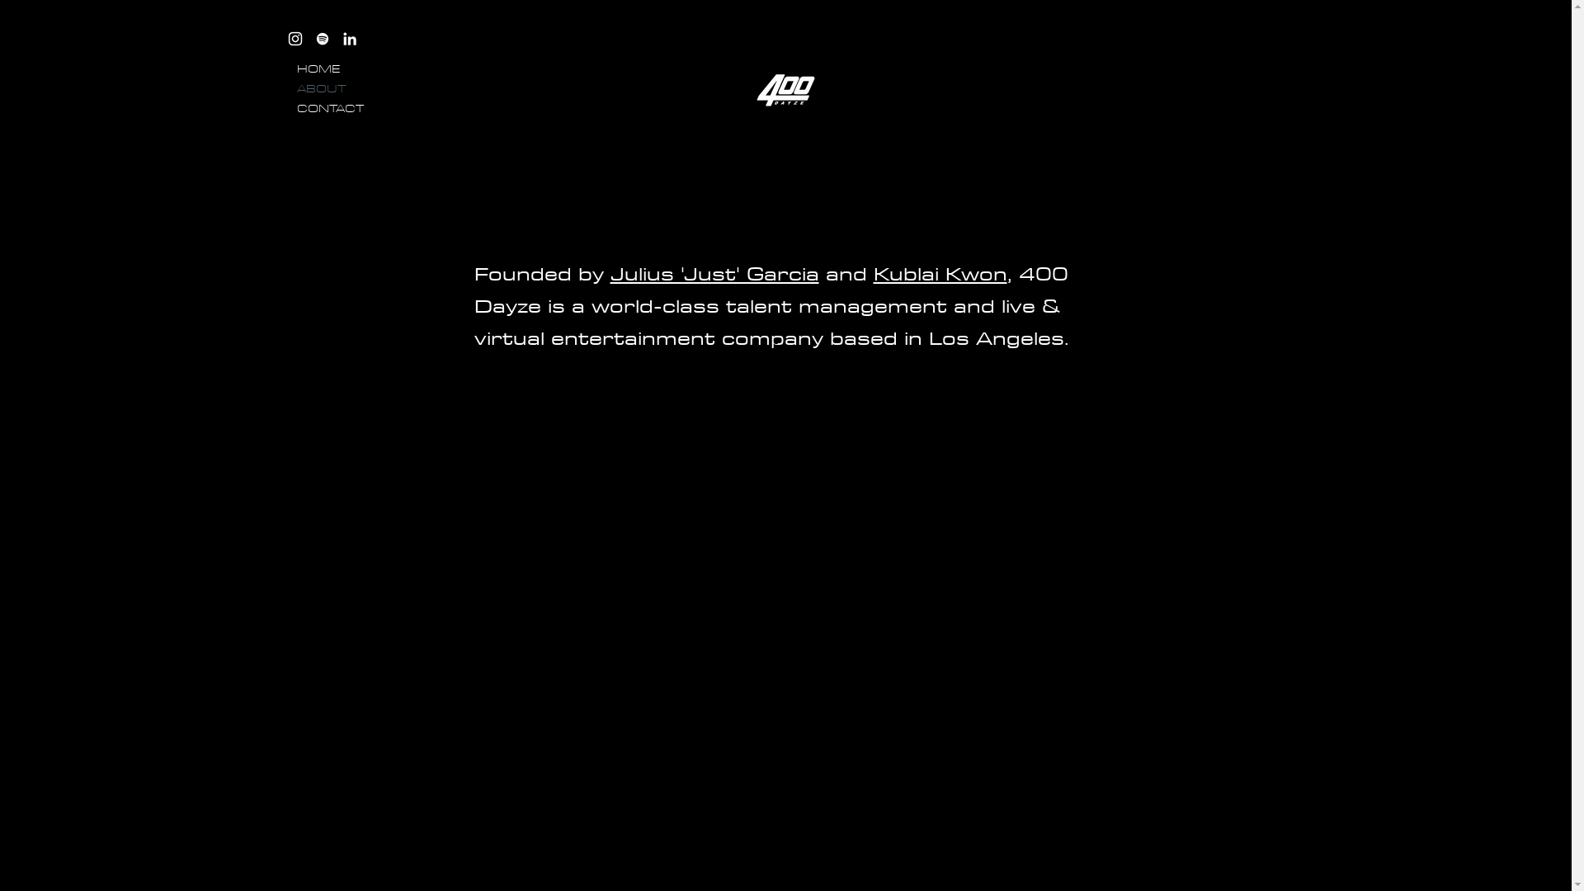 Image resolution: width=1584 pixels, height=891 pixels. I want to click on 'CONTACT', so click(297, 108).